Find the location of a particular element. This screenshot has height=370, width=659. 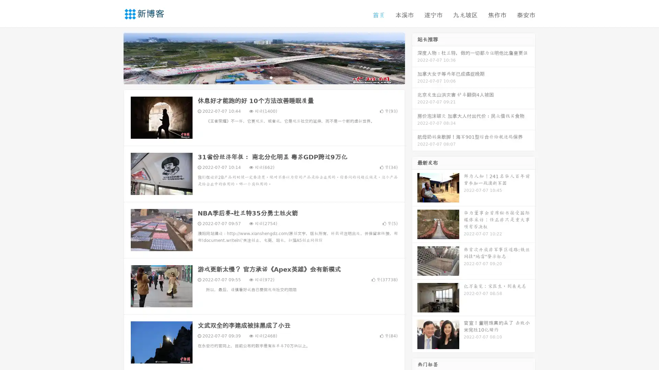

Go to slide 3 is located at coordinates (271, 77).